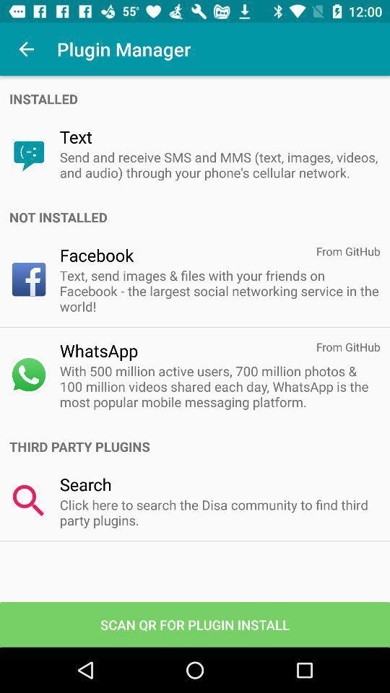 This screenshot has width=390, height=693. Describe the element at coordinates (219, 385) in the screenshot. I see `icon below the whatsapp icon` at that location.